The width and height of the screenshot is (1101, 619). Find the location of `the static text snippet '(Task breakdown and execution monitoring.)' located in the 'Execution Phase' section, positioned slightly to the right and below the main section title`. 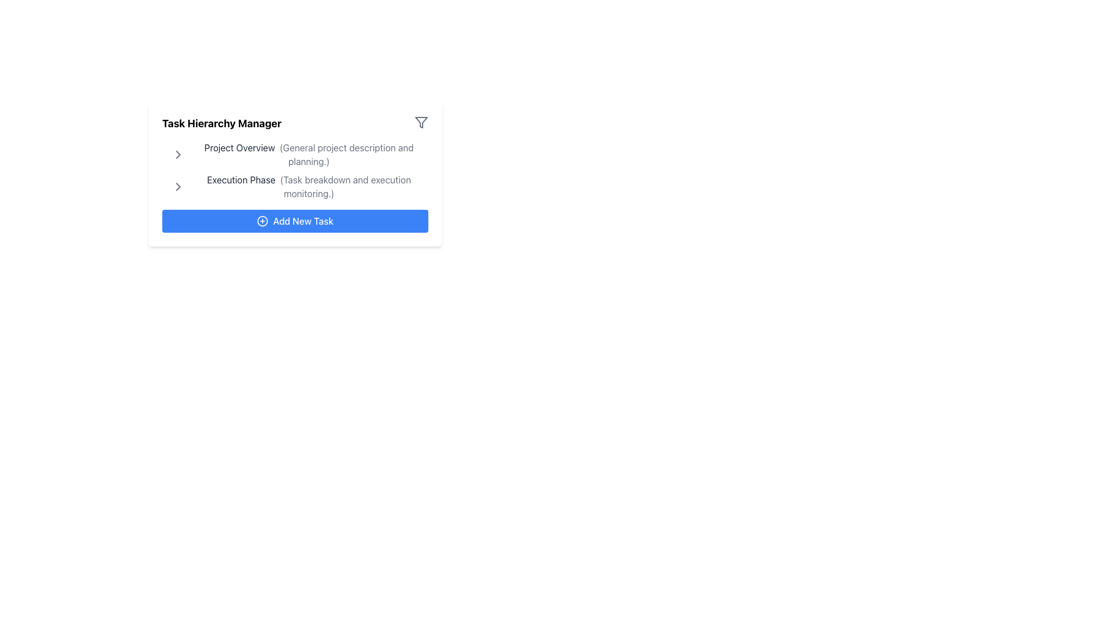

the static text snippet '(Task breakdown and execution monitoring.)' located in the 'Execution Phase' section, positioned slightly to the right and below the main section title is located at coordinates (345, 186).